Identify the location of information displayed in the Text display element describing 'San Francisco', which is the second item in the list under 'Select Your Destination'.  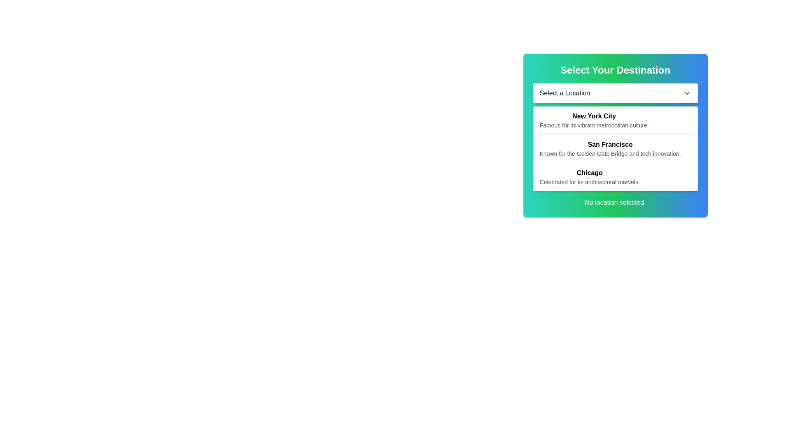
(610, 149).